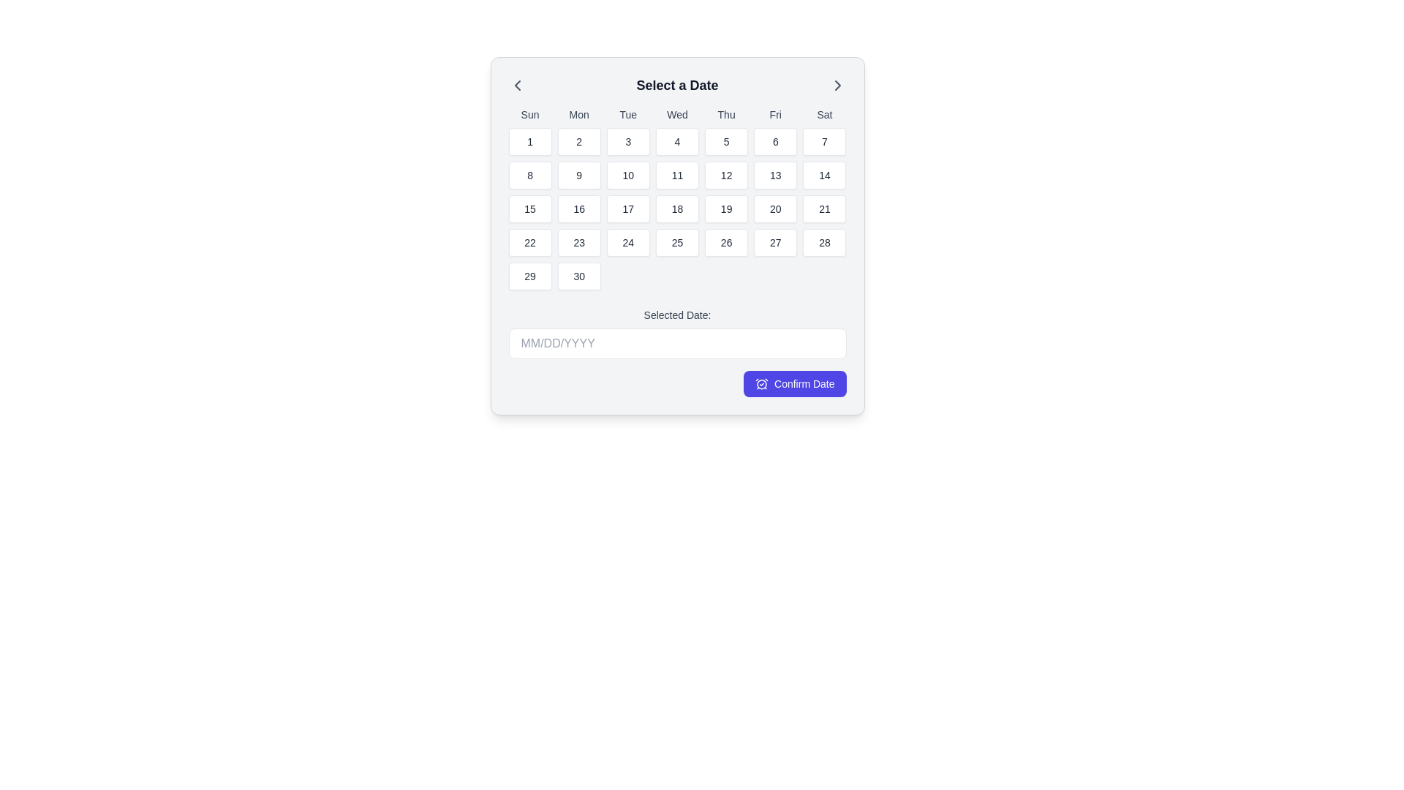 This screenshot has width=1404, height=790. What do you see at coordinates (726, 208) in the screenshot?
I see `the rectangular button with rounded corners containing the number '19'` at bounding box center [726, 208].